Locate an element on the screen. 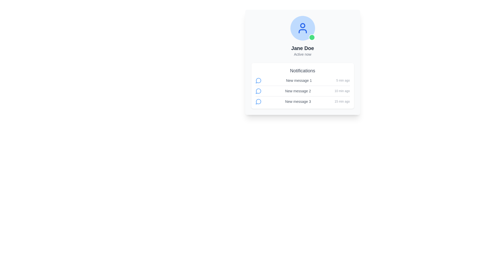  the speech bubble icon outlined in blue, which is positioned to the left of the text 'New message 2' in the notification list is located at coordinates (258, 91).